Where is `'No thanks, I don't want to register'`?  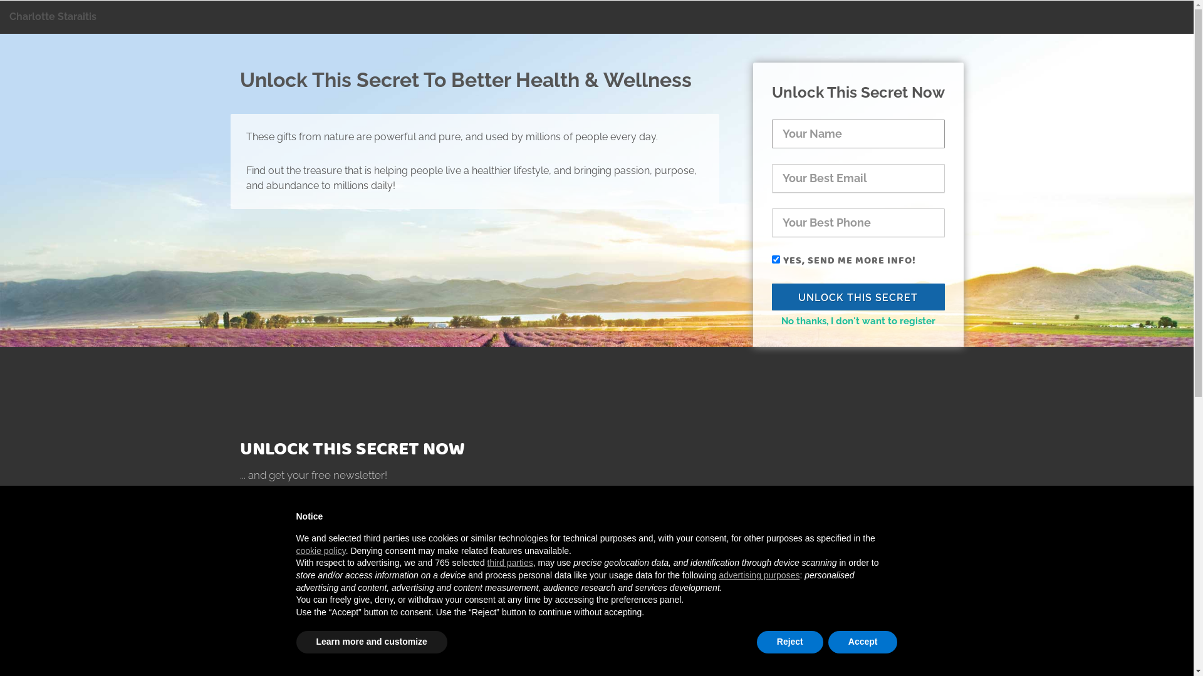 'No thanks, I don't want to register' is located at coordinates (857, 320).